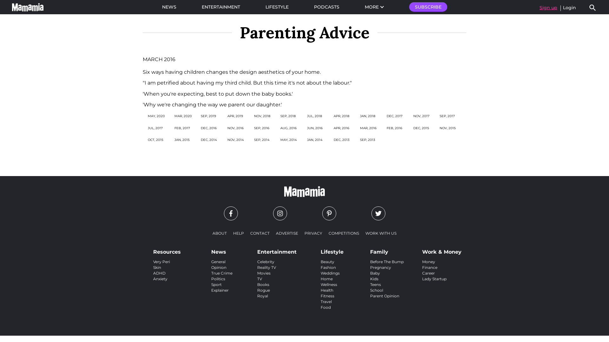  What do you see at coordinates (221, 7) in the screenshot?
I see `'ENTERTAINMENT'` at bounding box center [221, 7].